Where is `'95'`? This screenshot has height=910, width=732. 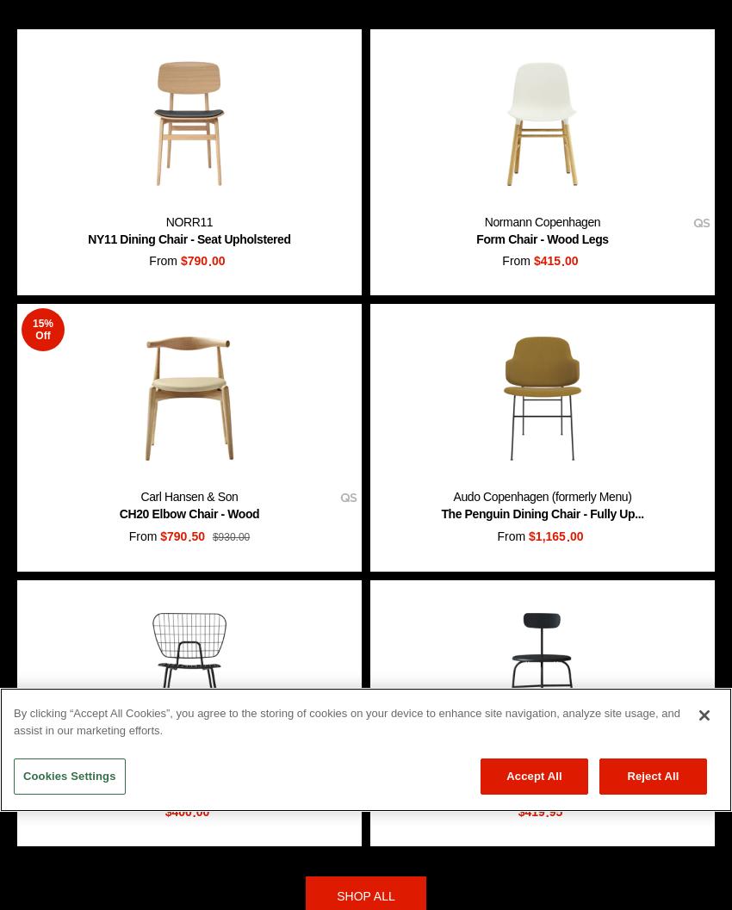 '95' is located at coordinates (555, 810).